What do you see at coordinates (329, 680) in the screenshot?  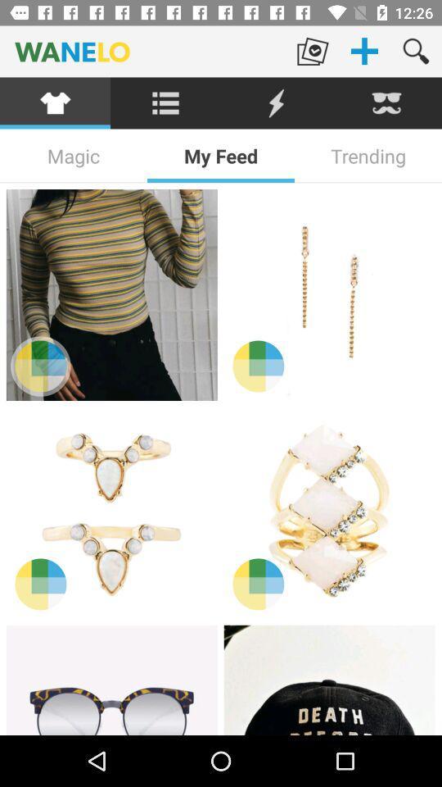 I see `product` at bounding box center [329, 680].